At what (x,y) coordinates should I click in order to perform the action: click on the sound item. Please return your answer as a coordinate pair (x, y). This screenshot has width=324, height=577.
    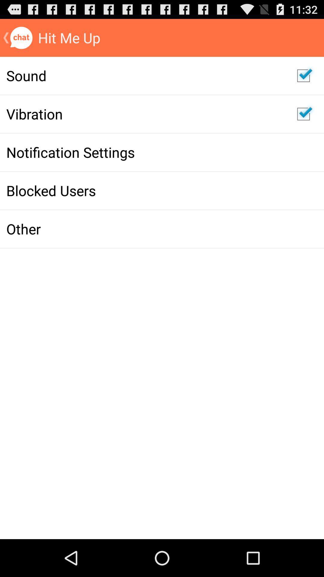
    Looking at the image, I should click on (145, 75).